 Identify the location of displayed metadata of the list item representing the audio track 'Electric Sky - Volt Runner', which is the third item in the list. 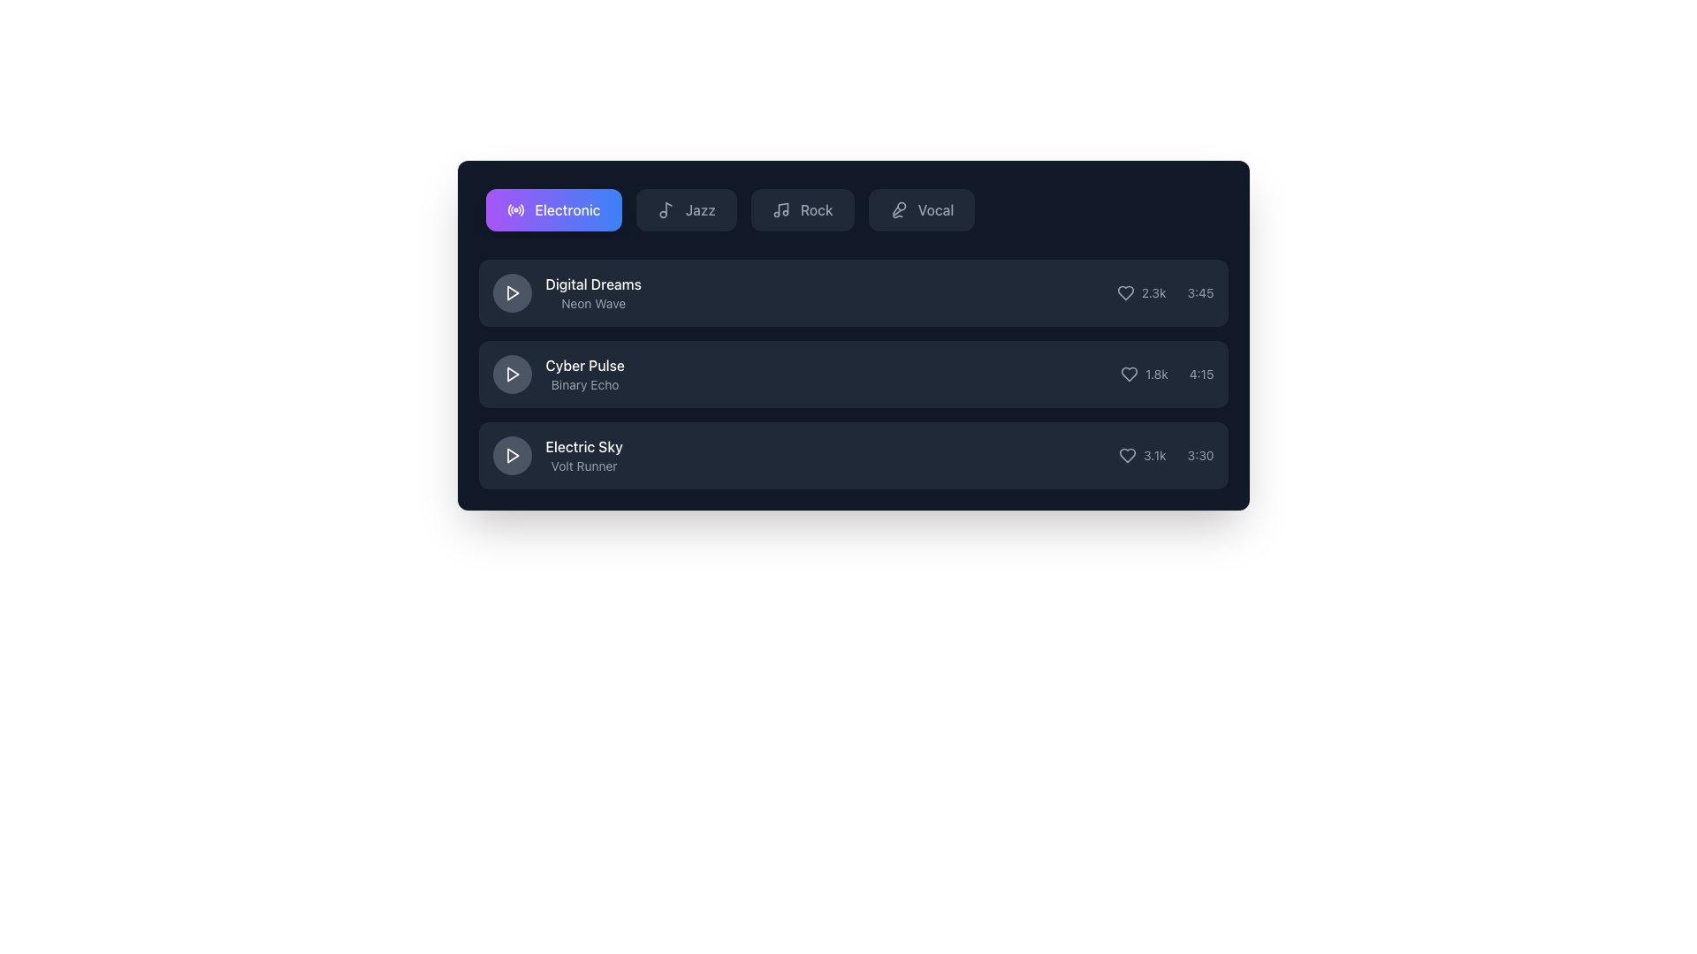
(853, 455).